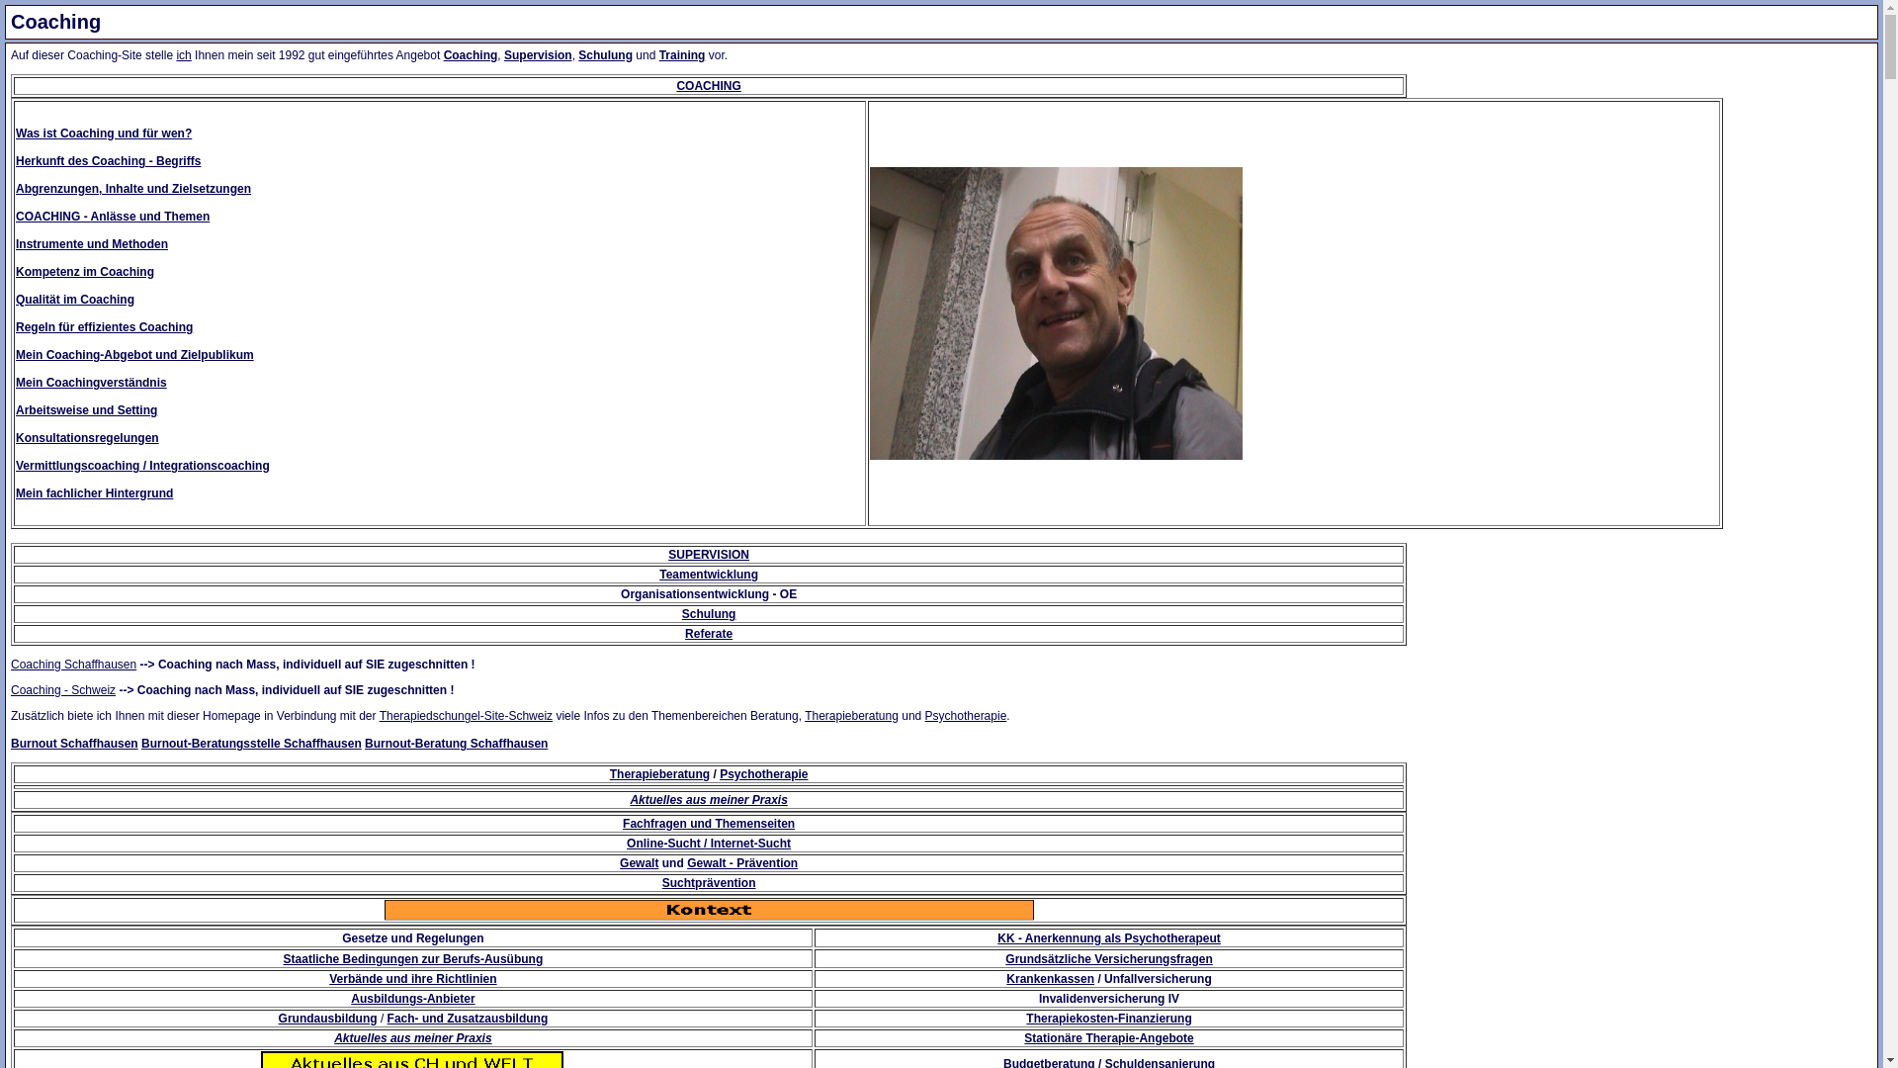 The width and height of the screenshot is (1898, 1068). What do you see at coordinates (84, 271) in the screenshot?
I see `'Kompetenz im Coaching'` at bounding box center [84, 271].